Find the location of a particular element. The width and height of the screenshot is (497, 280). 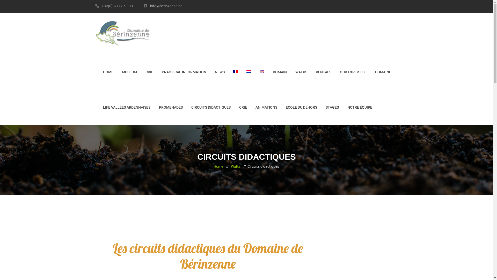

'DOMAINE' is located at coordinates (383, 72).